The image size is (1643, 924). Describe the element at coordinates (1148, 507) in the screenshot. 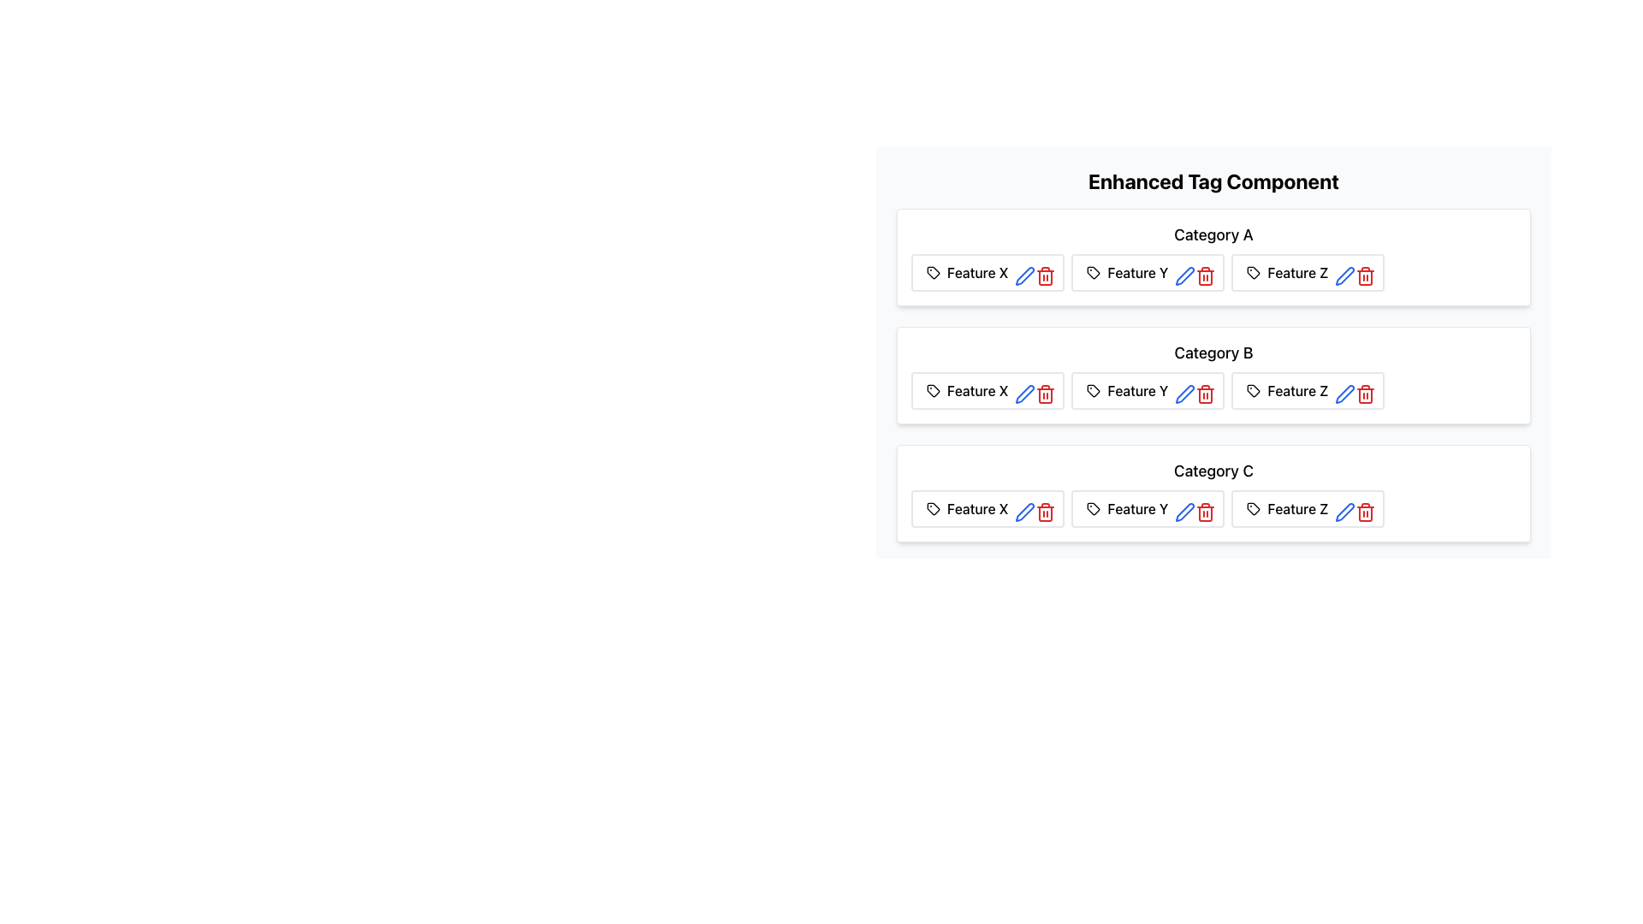

I see `the text of the interactive tag labeled 'Feature Y' which is the second element in the 'Category C' row` at that location.